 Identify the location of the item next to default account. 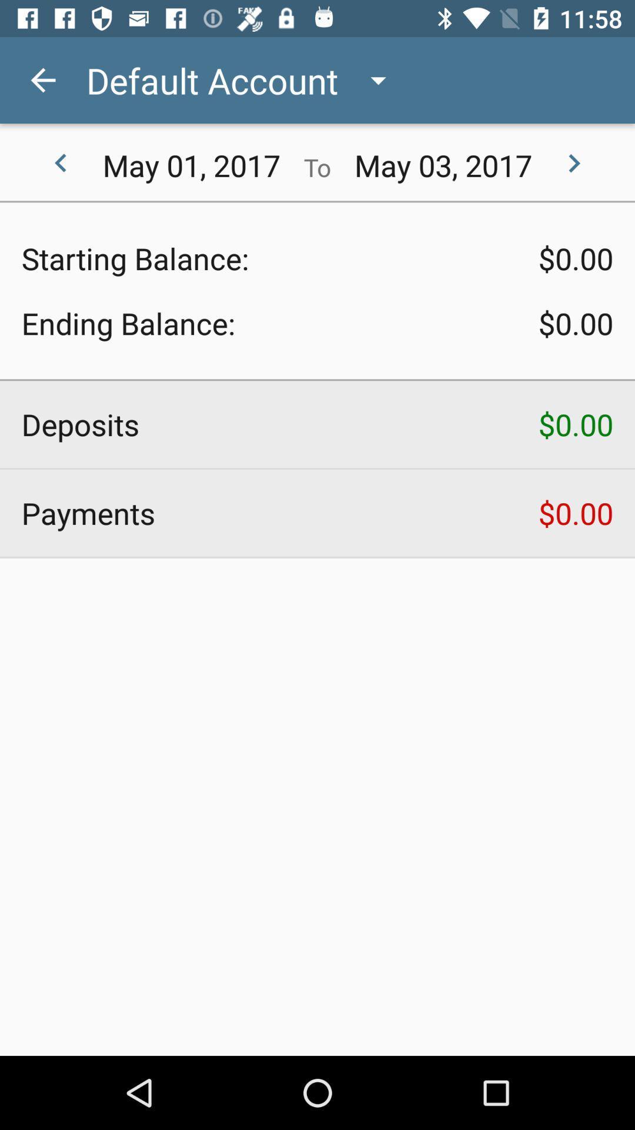
(42, 79).